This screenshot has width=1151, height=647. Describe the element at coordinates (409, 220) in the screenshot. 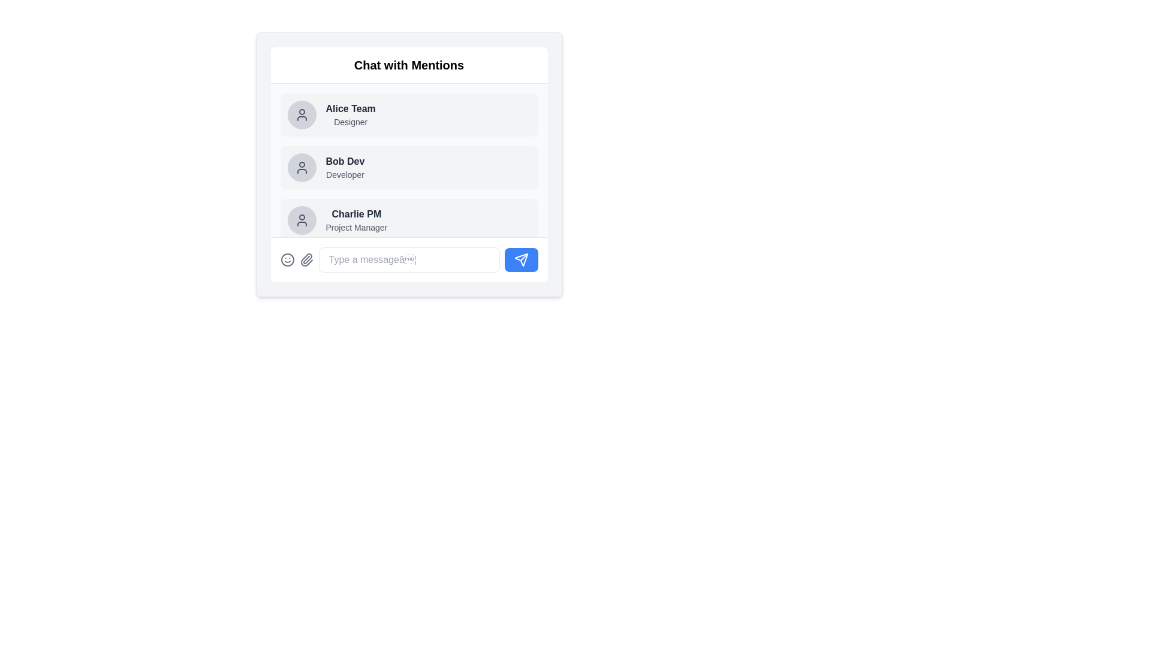

I see `details of the list item with the avatar of a rounded gray icon followed by the text 'Charlie PM' in bold and 'Project Manager' in smaller font, which is the third item in the vertical list of team members` at that location.